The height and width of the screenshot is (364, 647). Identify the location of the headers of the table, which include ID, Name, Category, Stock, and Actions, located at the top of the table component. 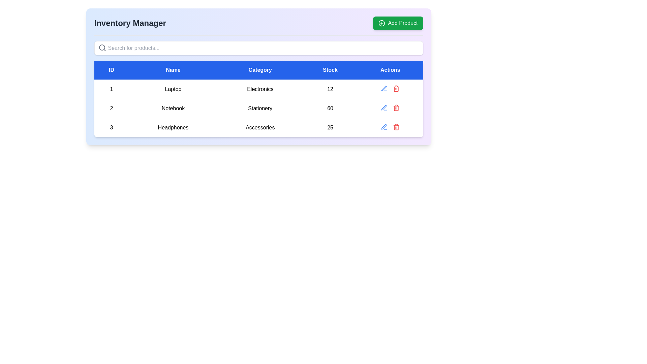
(258, 70).